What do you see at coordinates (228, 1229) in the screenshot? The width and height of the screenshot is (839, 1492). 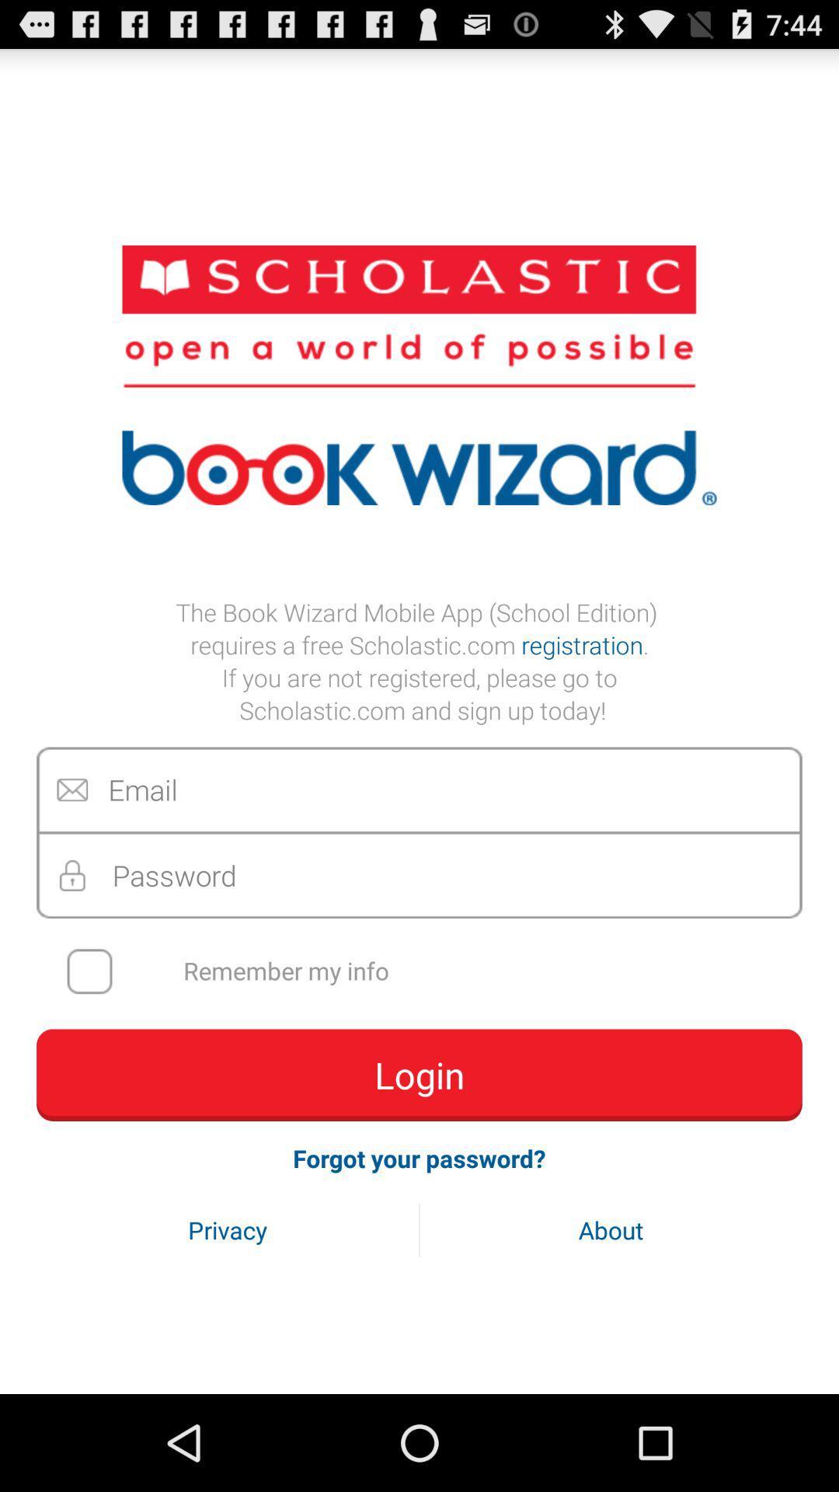 I see `button next to the about` at bounding box center [228, 1229].